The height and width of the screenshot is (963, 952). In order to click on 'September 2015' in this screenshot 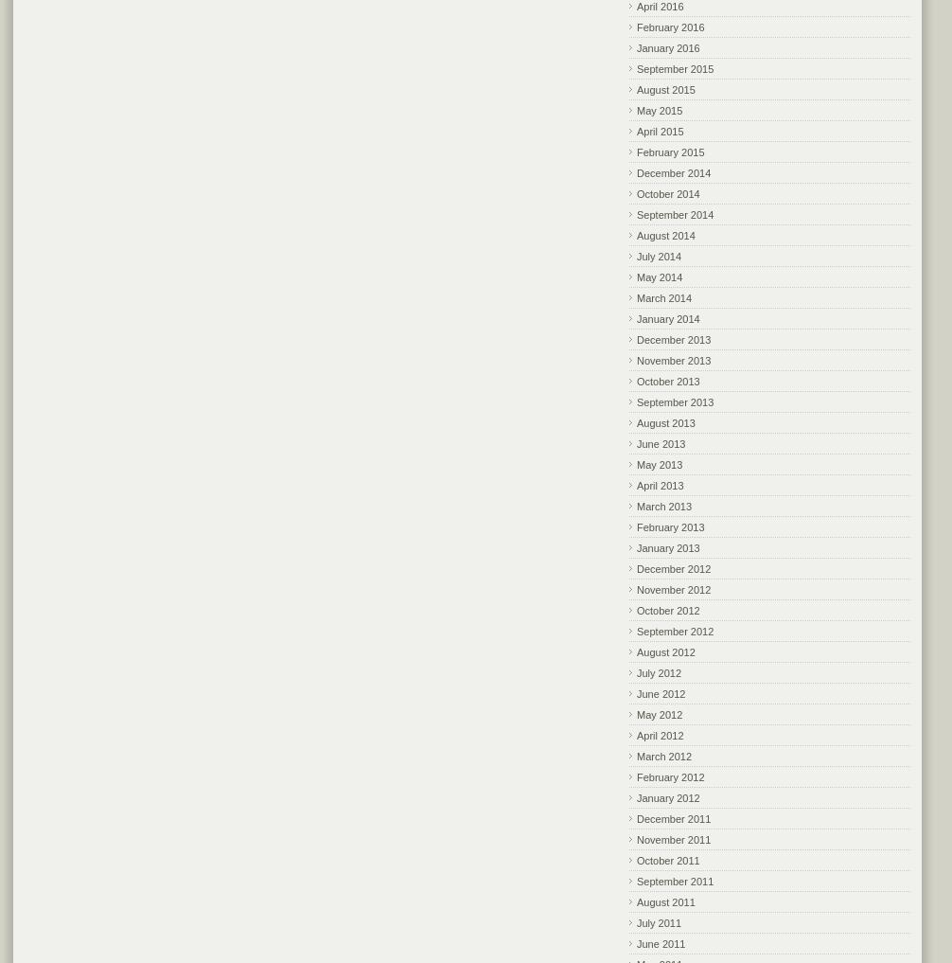, I will do `click(675, 68)`.